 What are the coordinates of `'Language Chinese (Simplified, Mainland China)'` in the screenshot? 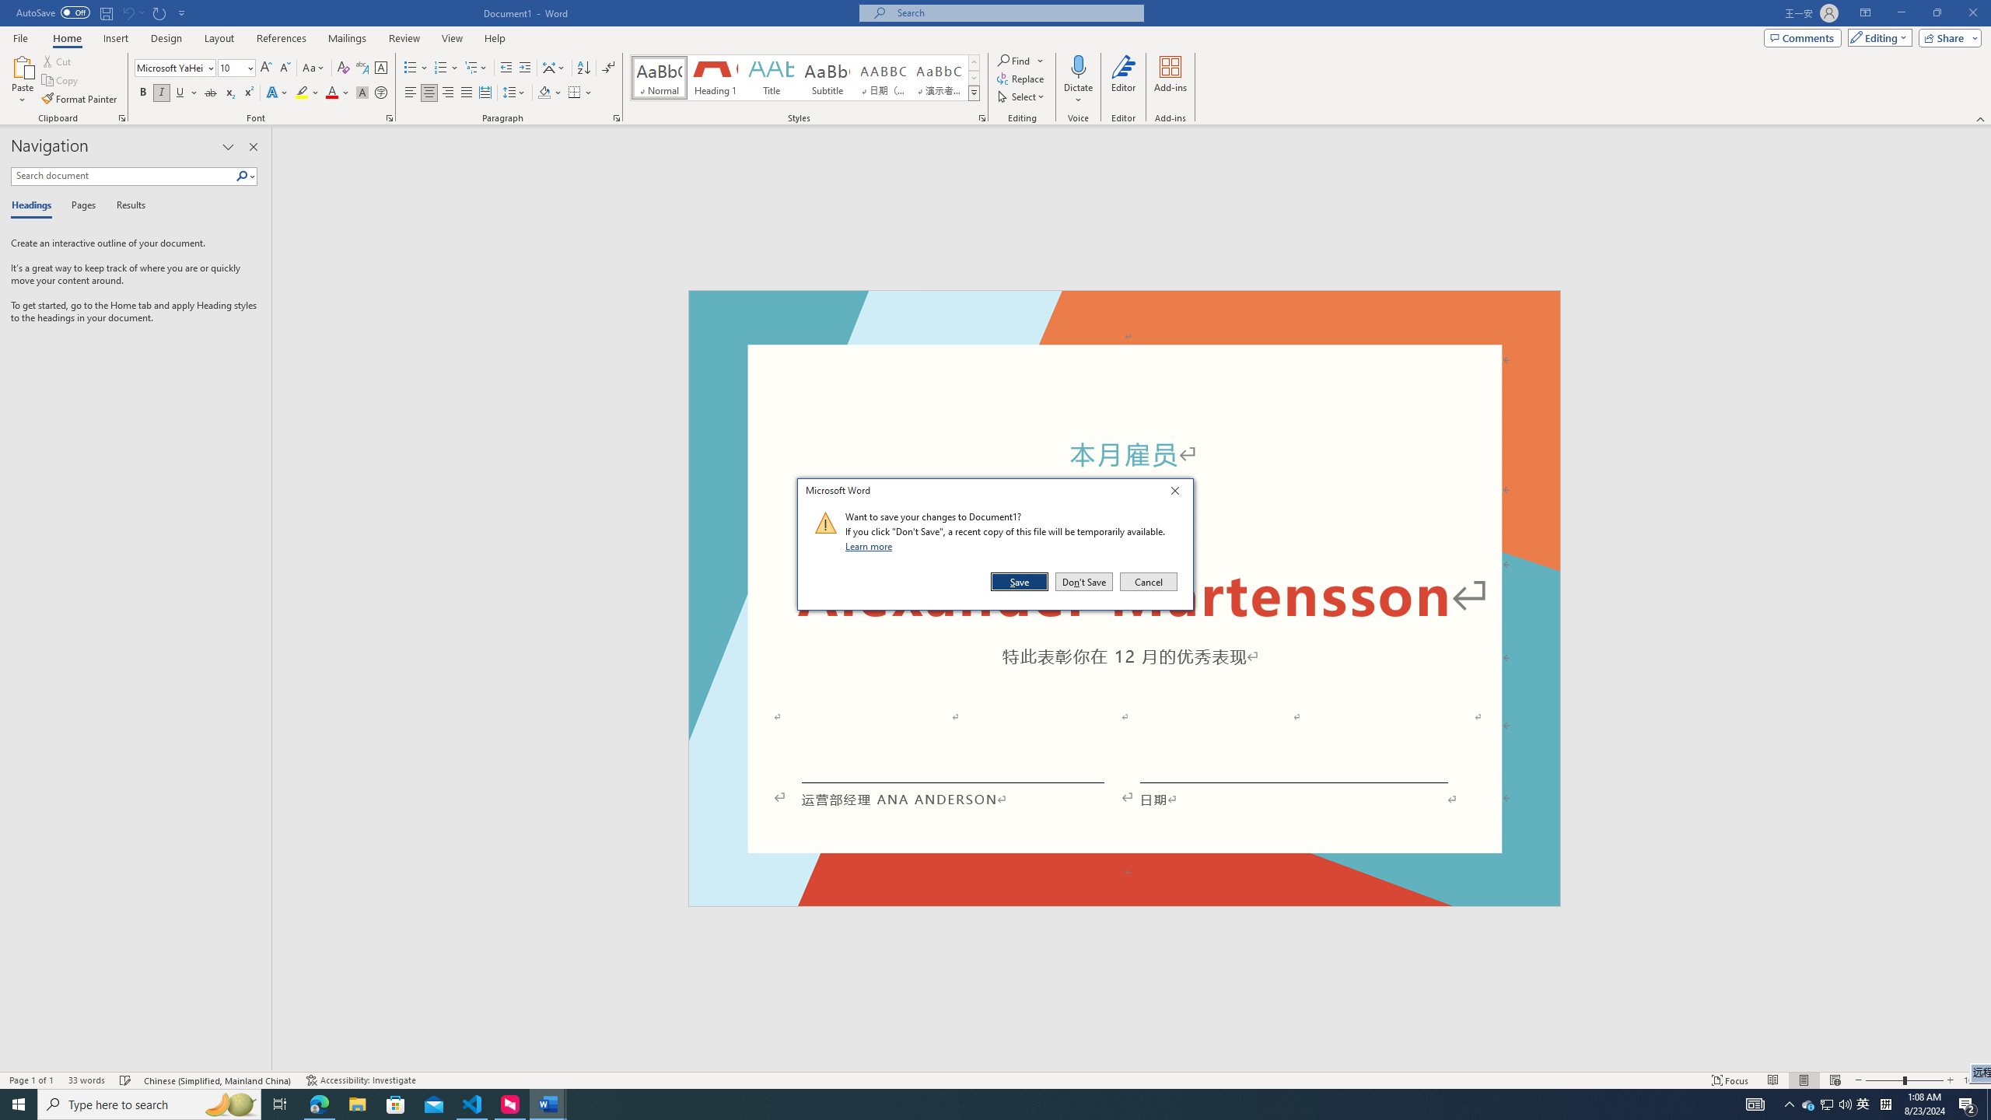 It's located at (219, 1080).